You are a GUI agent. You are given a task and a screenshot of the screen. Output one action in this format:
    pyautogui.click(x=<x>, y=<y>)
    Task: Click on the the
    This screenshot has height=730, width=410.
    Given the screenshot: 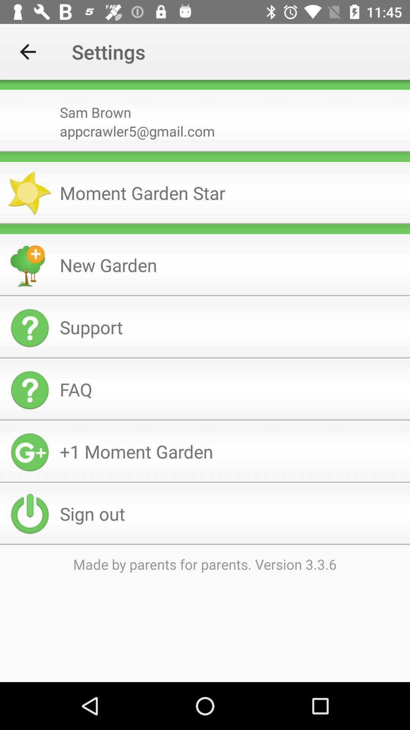 What is the action you would take?
    pyautogui.click(x=205, y=156)
    